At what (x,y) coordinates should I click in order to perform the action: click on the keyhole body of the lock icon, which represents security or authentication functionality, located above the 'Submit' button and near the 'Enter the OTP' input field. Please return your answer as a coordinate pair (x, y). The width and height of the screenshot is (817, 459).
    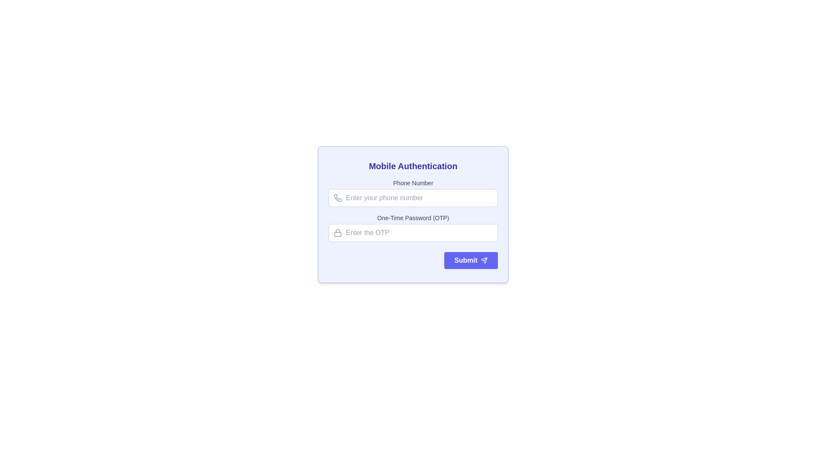
    Looking at the image, I should click on (337, 234).